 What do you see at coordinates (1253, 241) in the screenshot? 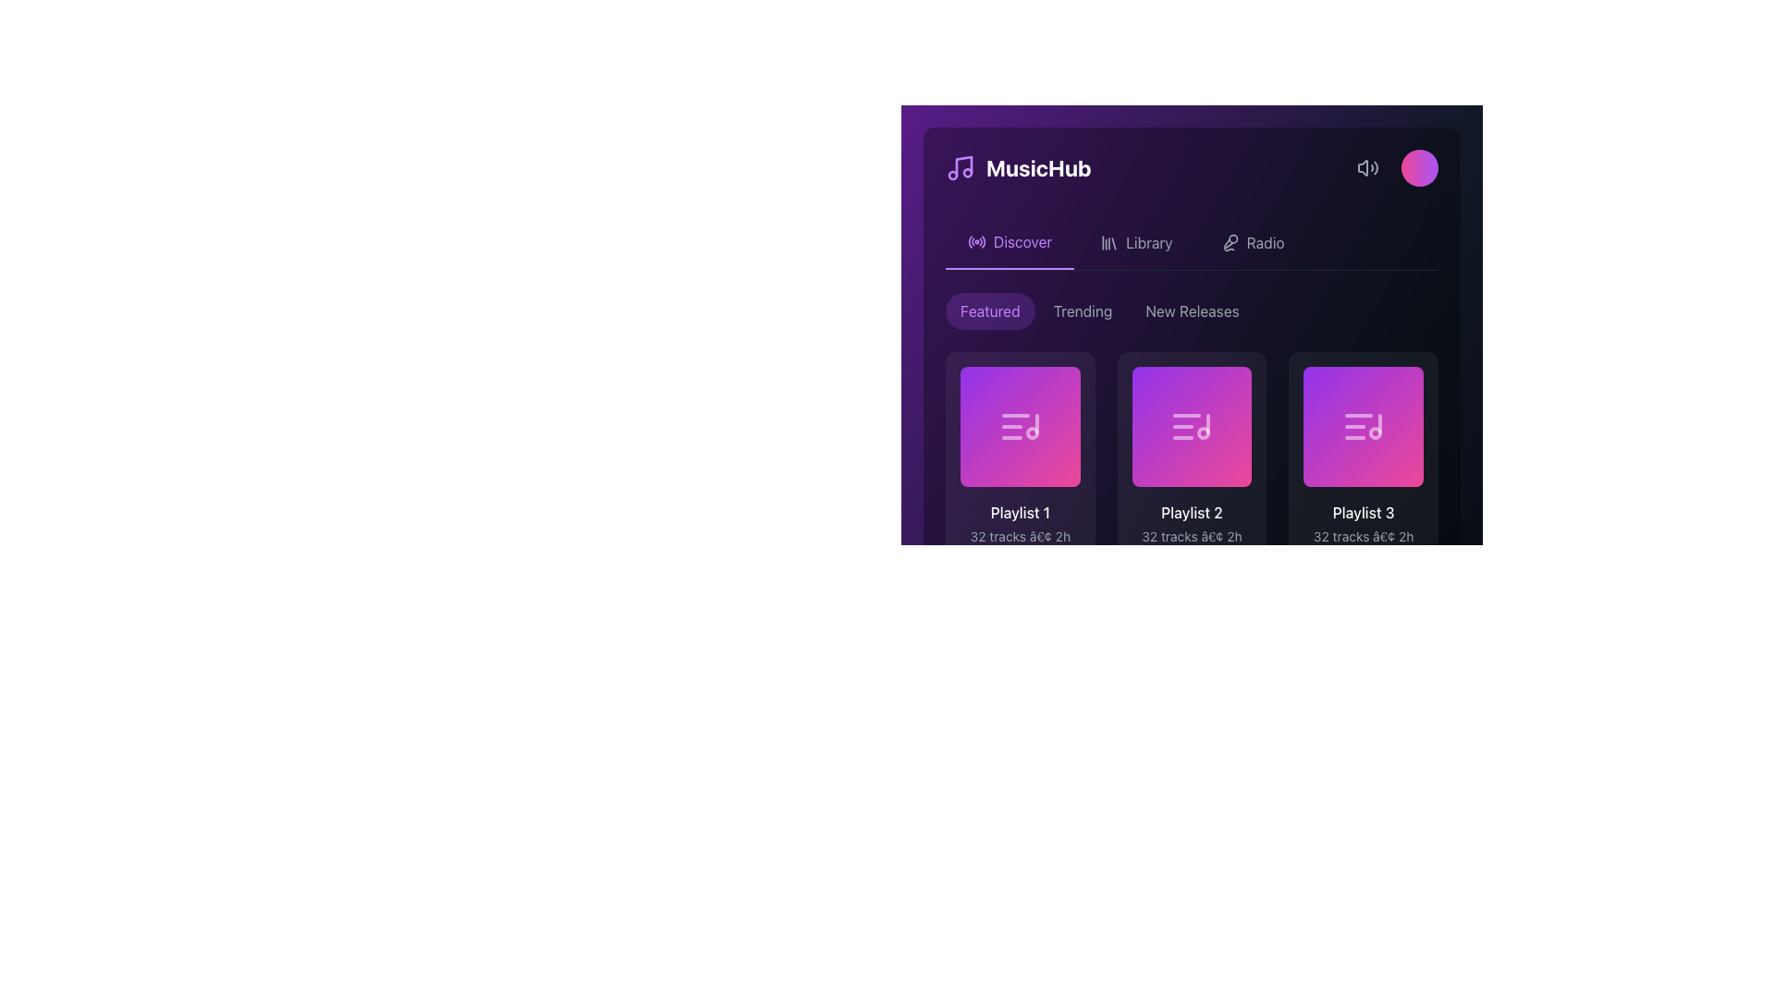
I see `the 'Radio' interactive navigation tab, which features gray text on a dark background and is the third option in the horizontal navigation menu` at bounding box center [1253, 241].